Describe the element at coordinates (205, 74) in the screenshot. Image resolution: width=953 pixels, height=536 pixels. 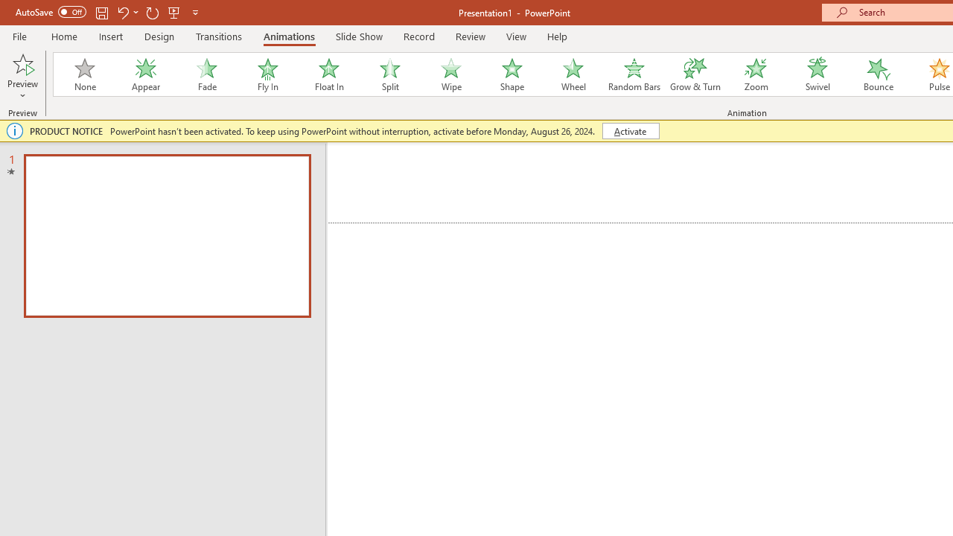
I see `'Fade'` at that location.